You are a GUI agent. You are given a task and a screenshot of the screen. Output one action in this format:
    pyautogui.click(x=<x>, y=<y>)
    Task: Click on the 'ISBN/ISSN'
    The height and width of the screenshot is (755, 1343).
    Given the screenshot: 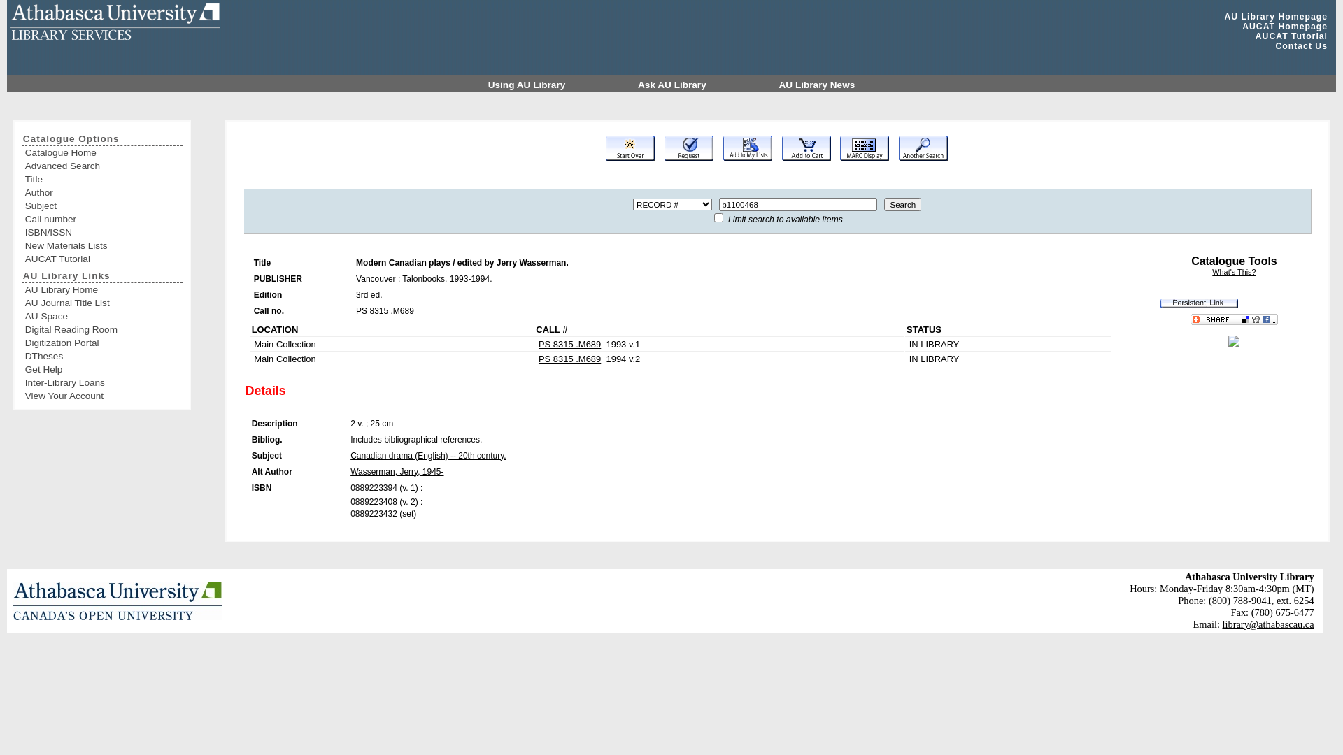 What is the action you would take?
    pyautogui.click(x=102, y=231)
    